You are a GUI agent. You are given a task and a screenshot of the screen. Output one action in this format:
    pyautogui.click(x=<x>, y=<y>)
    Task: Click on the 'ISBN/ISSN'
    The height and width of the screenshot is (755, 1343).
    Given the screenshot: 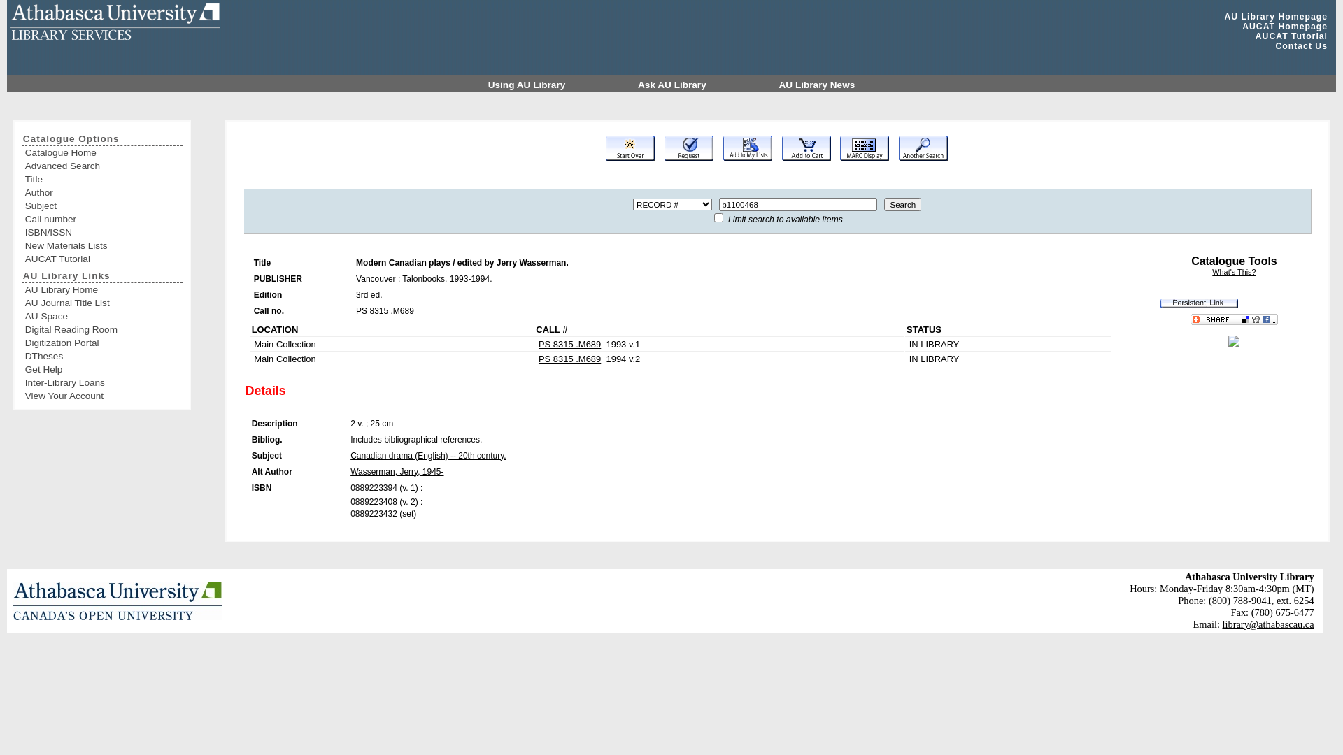 What is the action you would take?
    pyautogui.click(x=102, y=231)
    